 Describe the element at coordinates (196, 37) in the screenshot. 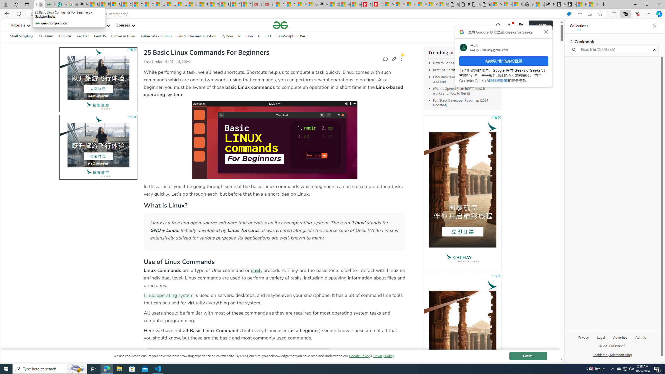

I see `'Linux interview question'` at that location.